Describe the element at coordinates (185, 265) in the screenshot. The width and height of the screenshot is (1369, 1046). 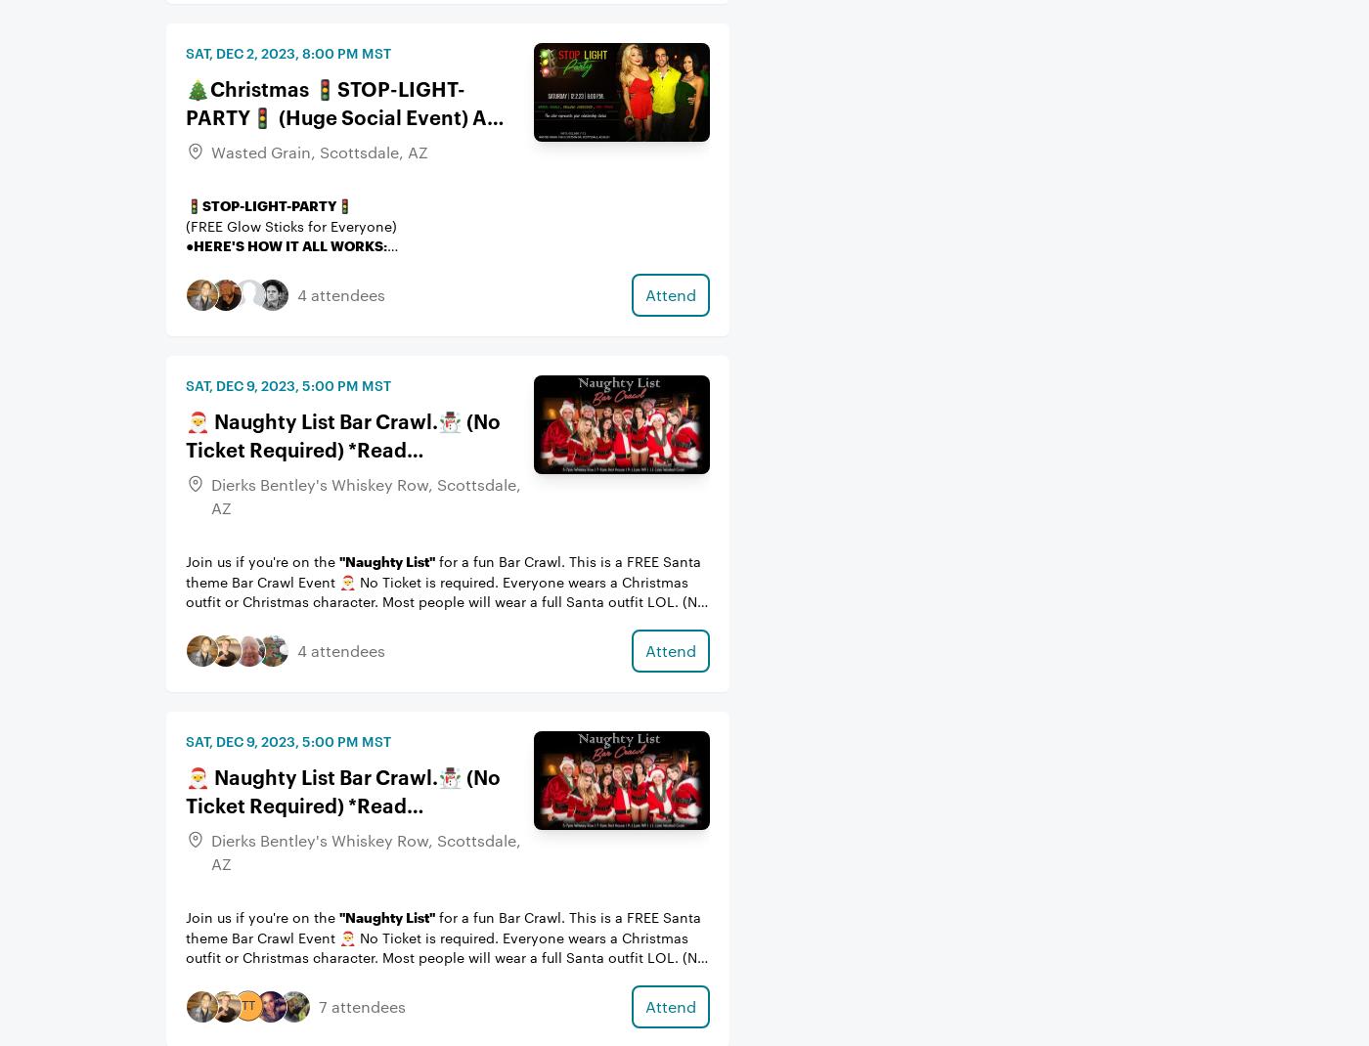
I see `'● (Green) = Single & Available.'` at that location.